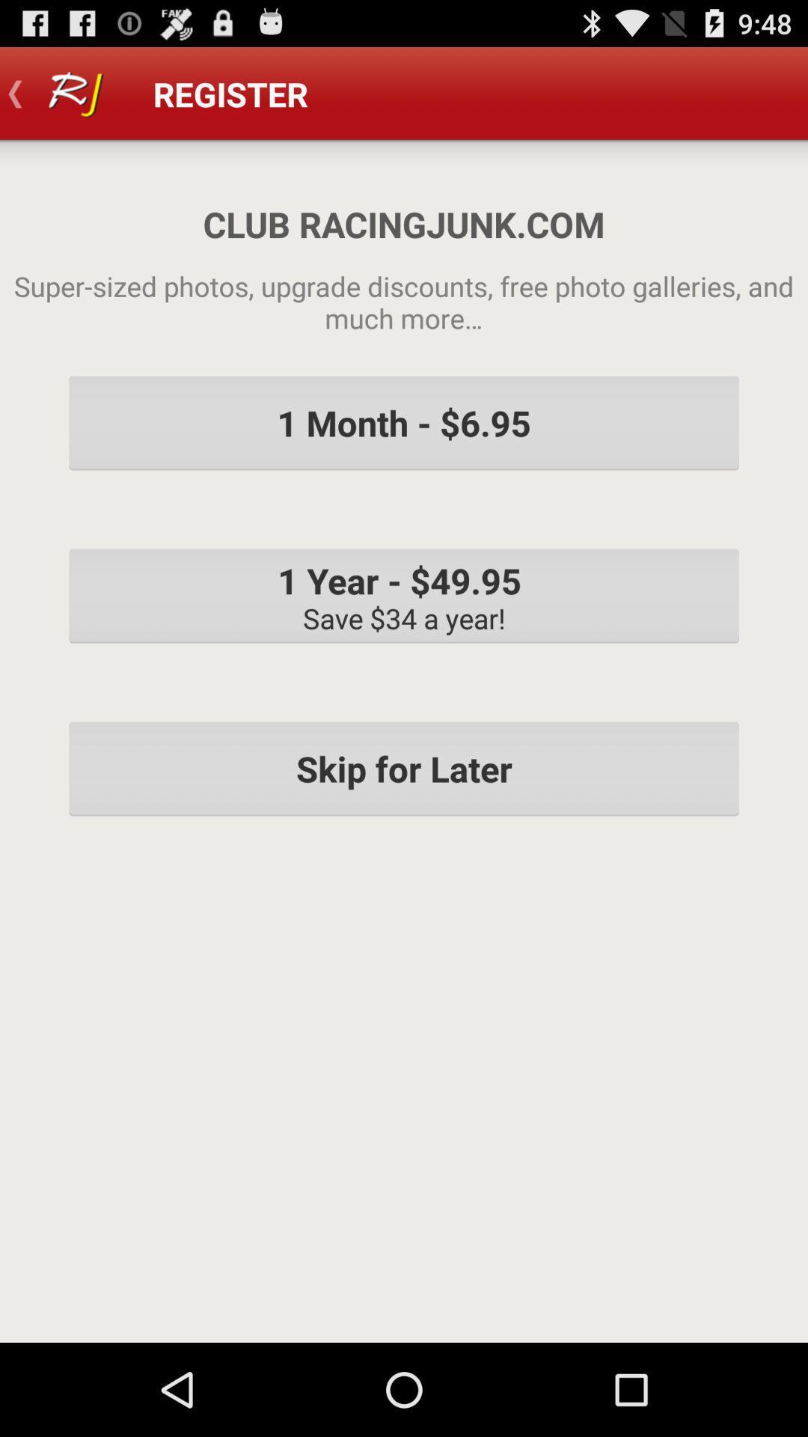  What do you see at coordinates (404, 595) in the screenshot?
I see `the icon above the skip for later item` at bounding box center [404, 595].